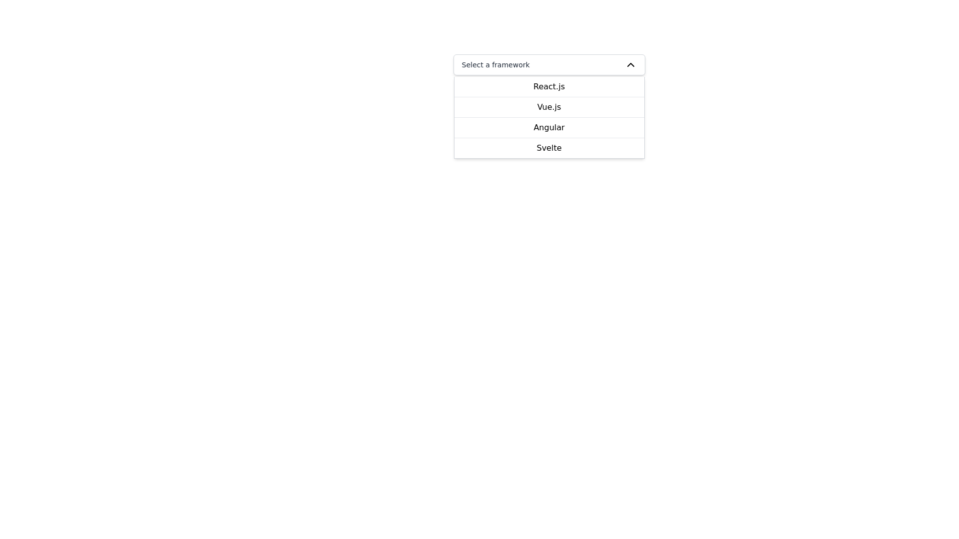 This screenshot has height=539, width=959. I want to click on context message from the descriptive text label located below the 'Select a framework' dropdown menu, which is presented in a small gray font, so click(548, 88).